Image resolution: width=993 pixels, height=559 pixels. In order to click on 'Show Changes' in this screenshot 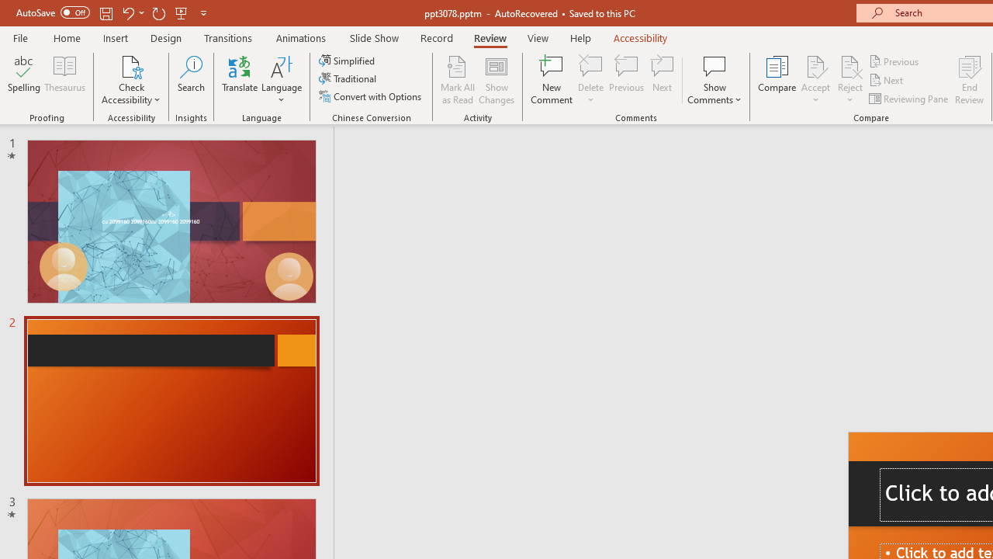, I will do `click(496, 80)`.